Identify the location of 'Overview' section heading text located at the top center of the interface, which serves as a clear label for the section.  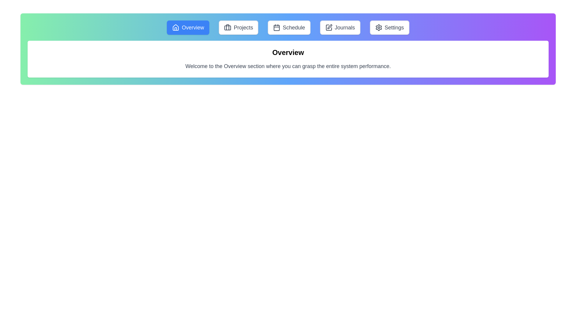
(288, 52).